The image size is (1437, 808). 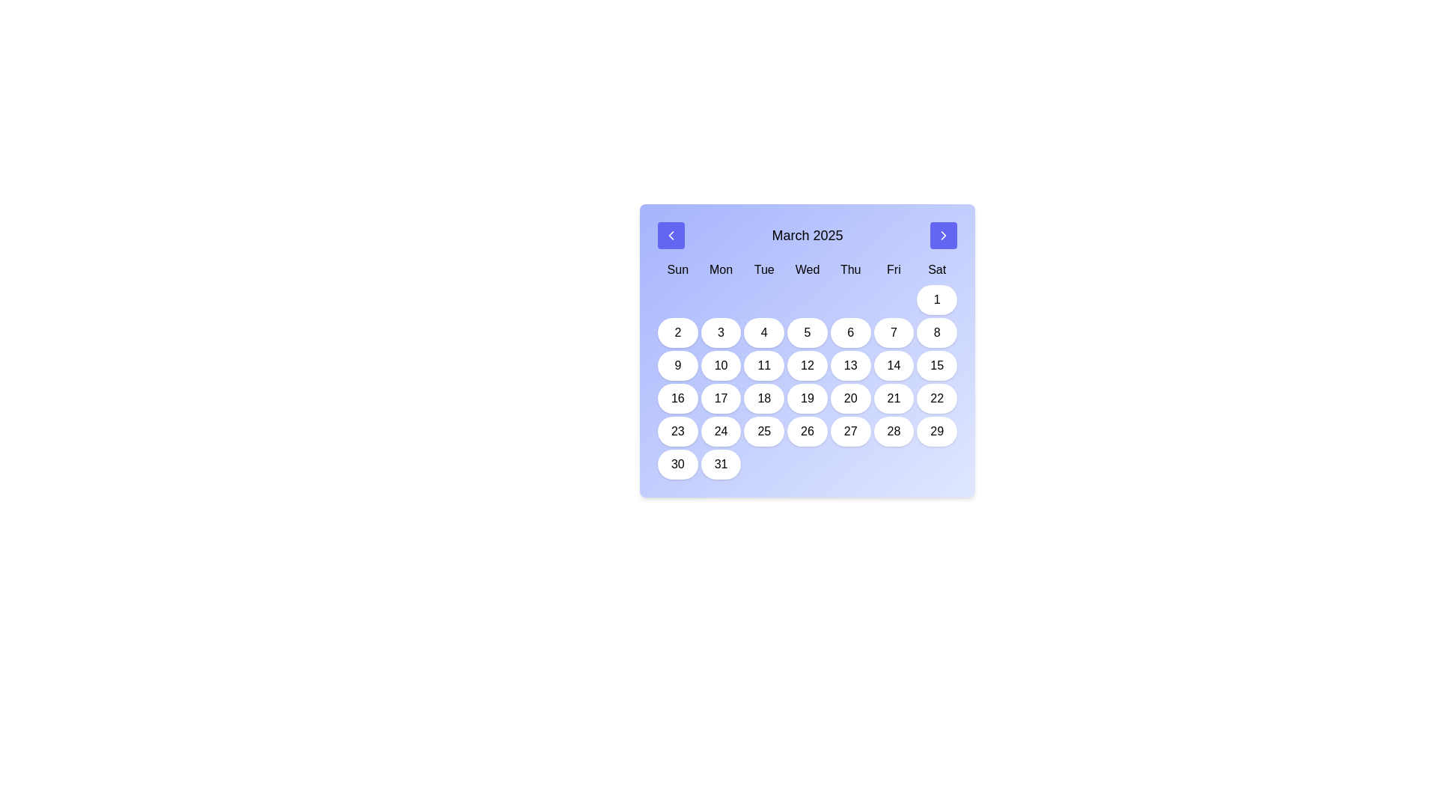 What do you see at coordinates (894, 432) in the screenshot?
I see `the button representing the date 28th in the bottom-right area of the calendar` at bounding box center [894, 432].